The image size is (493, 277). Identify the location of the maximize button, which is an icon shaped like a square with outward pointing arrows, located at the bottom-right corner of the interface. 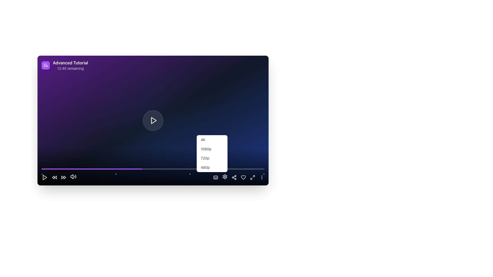
(252, 177).